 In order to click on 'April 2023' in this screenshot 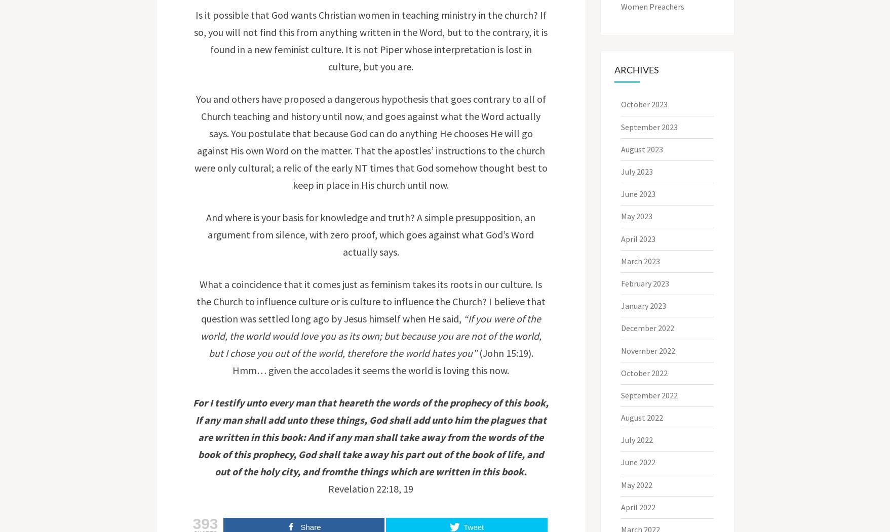, I will do `click(638, 237)`.